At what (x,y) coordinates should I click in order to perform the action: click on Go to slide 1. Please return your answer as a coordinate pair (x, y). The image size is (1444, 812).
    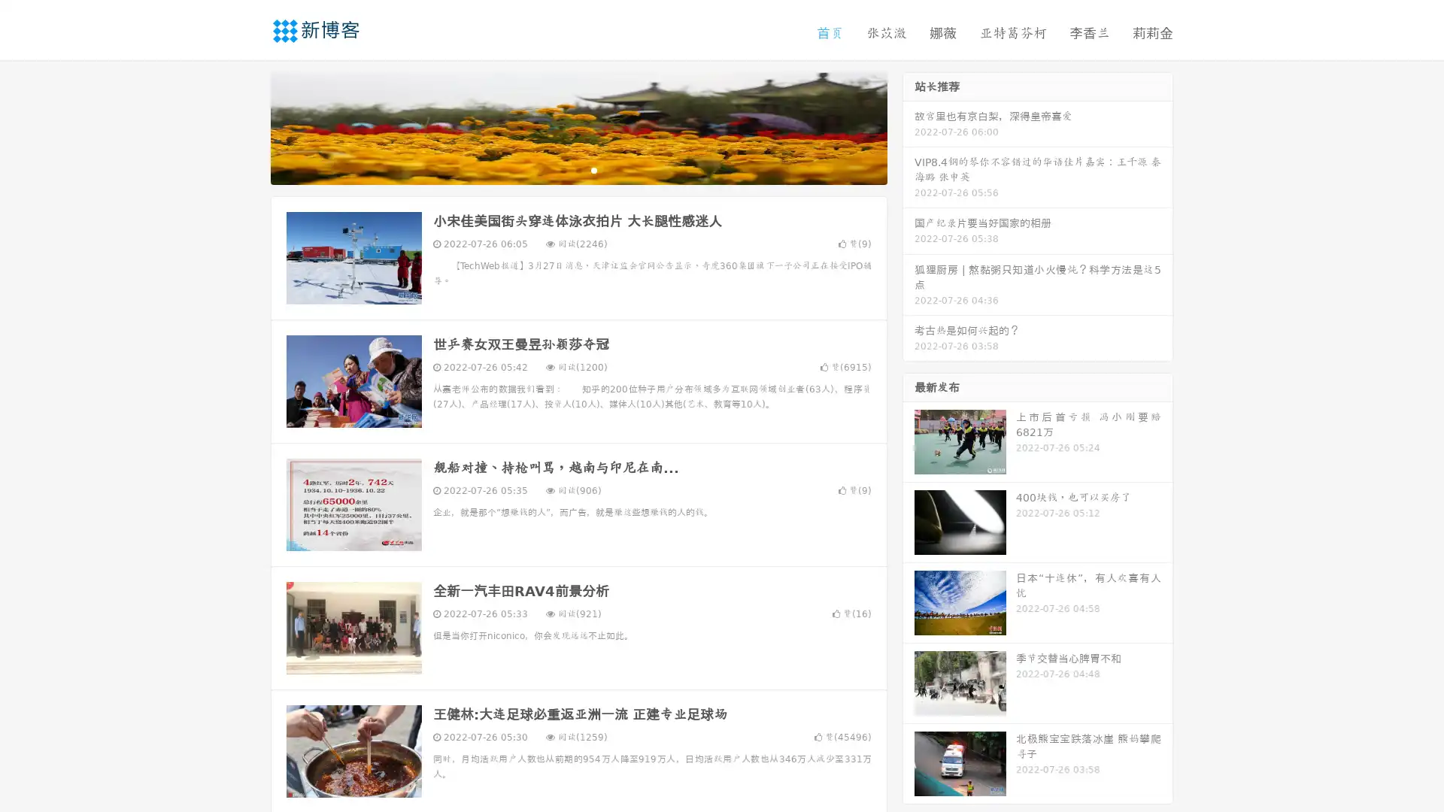
    Looking at the image, I should click on (563, 169).